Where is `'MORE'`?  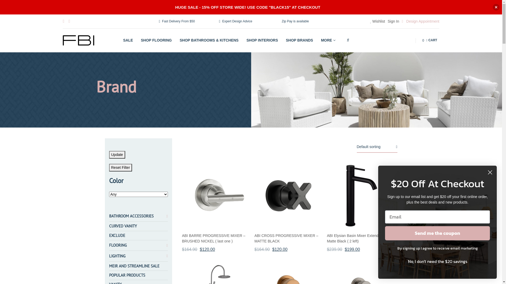
'MORE' is located at coordinates (318, 40).